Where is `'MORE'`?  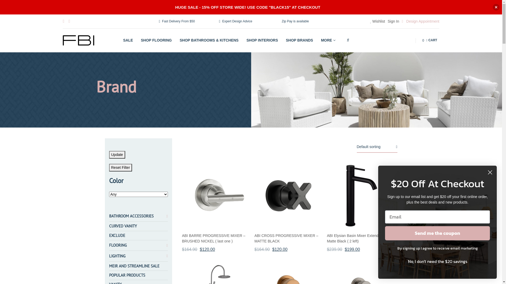
'MORE' is located at coordinates (318, 40).